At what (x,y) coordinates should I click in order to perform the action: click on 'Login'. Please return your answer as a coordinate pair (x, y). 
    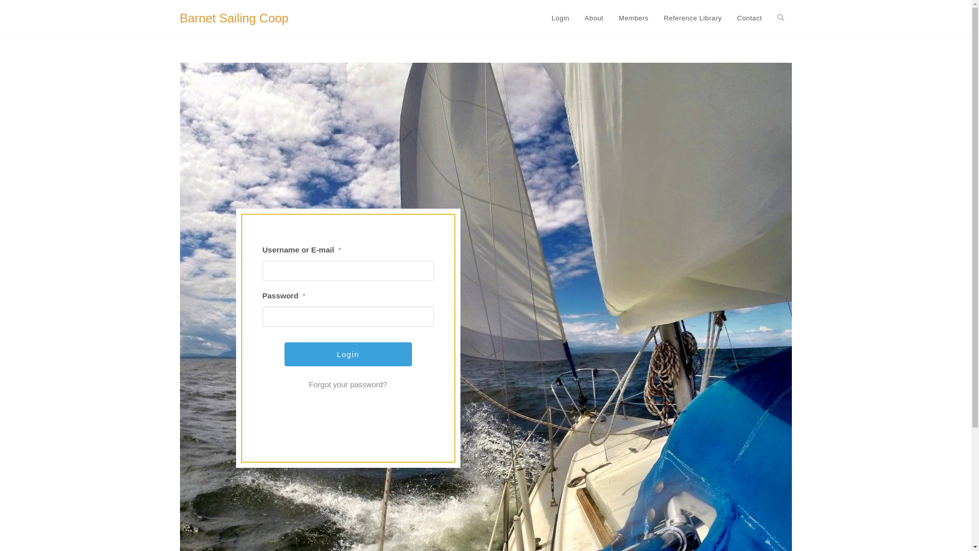
    Looking at the image, I should click on (560, 18).